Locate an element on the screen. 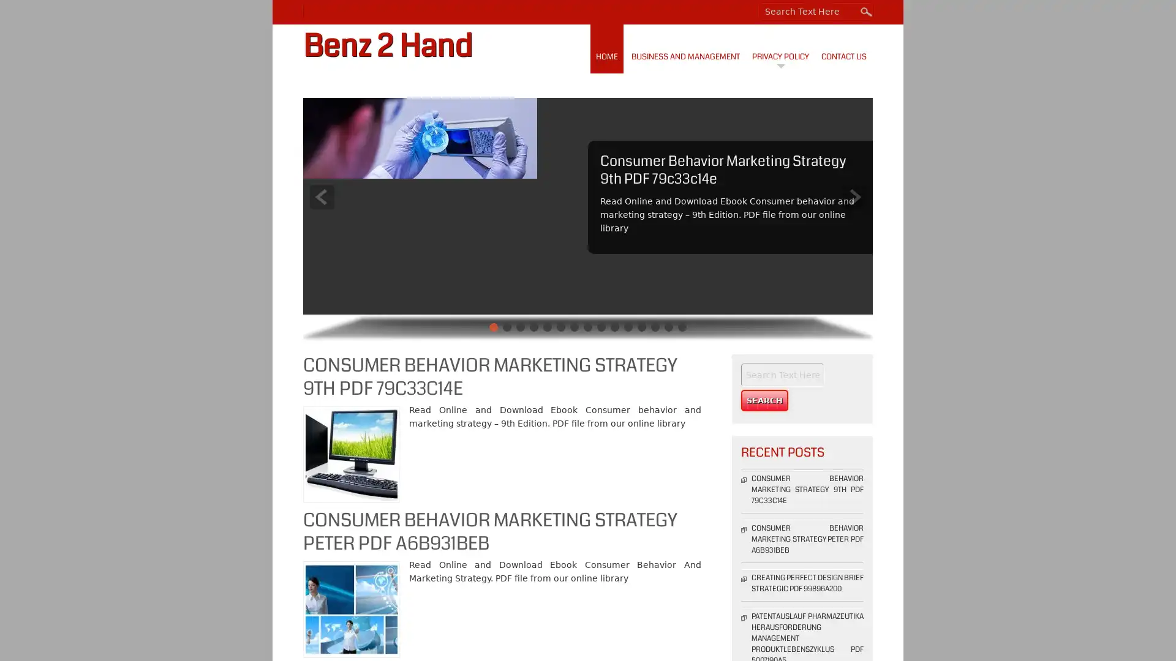 Image resolution: width=1176 pixels, height=661 pixels. Search is located at coordinates (764, 400).